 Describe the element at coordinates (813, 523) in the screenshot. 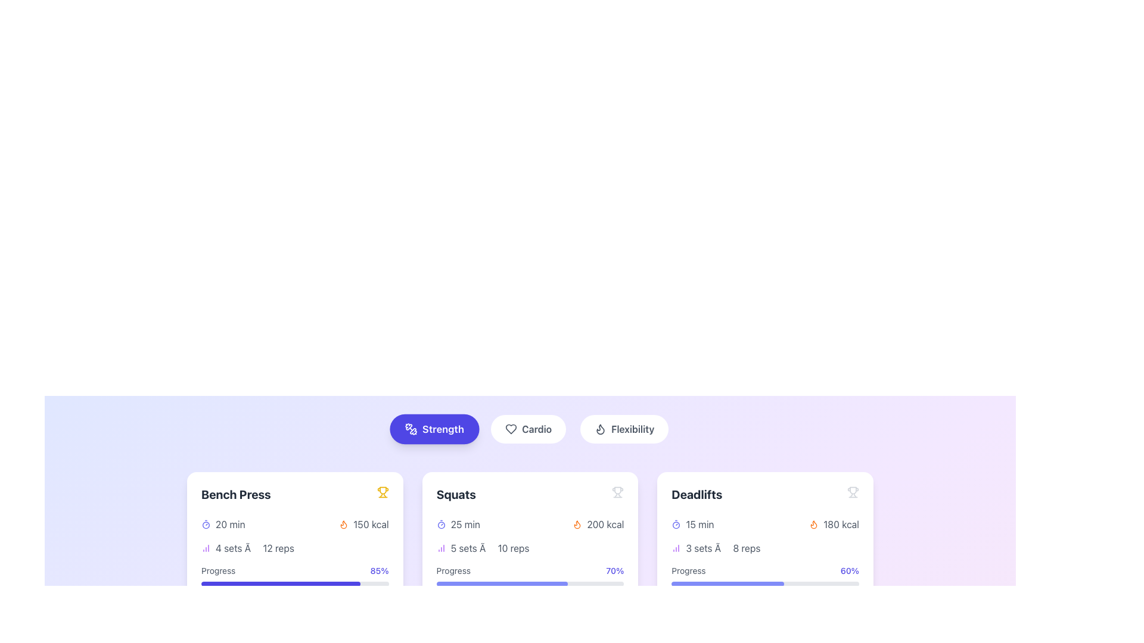

I see `the calorie icon associated with the 'Deadlifts' activity in the third card from the left, positioned below the '180 kcal' text` at that location.